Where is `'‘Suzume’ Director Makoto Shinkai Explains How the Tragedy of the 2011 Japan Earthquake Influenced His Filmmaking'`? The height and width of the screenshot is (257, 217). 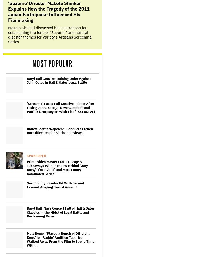 '‘Suzume’ Director Makoto Shinkai Explains How the Tragedy of the 2011 Japan Earthquake Influenced His Filmmaking' is located at coordinates (49, 12).